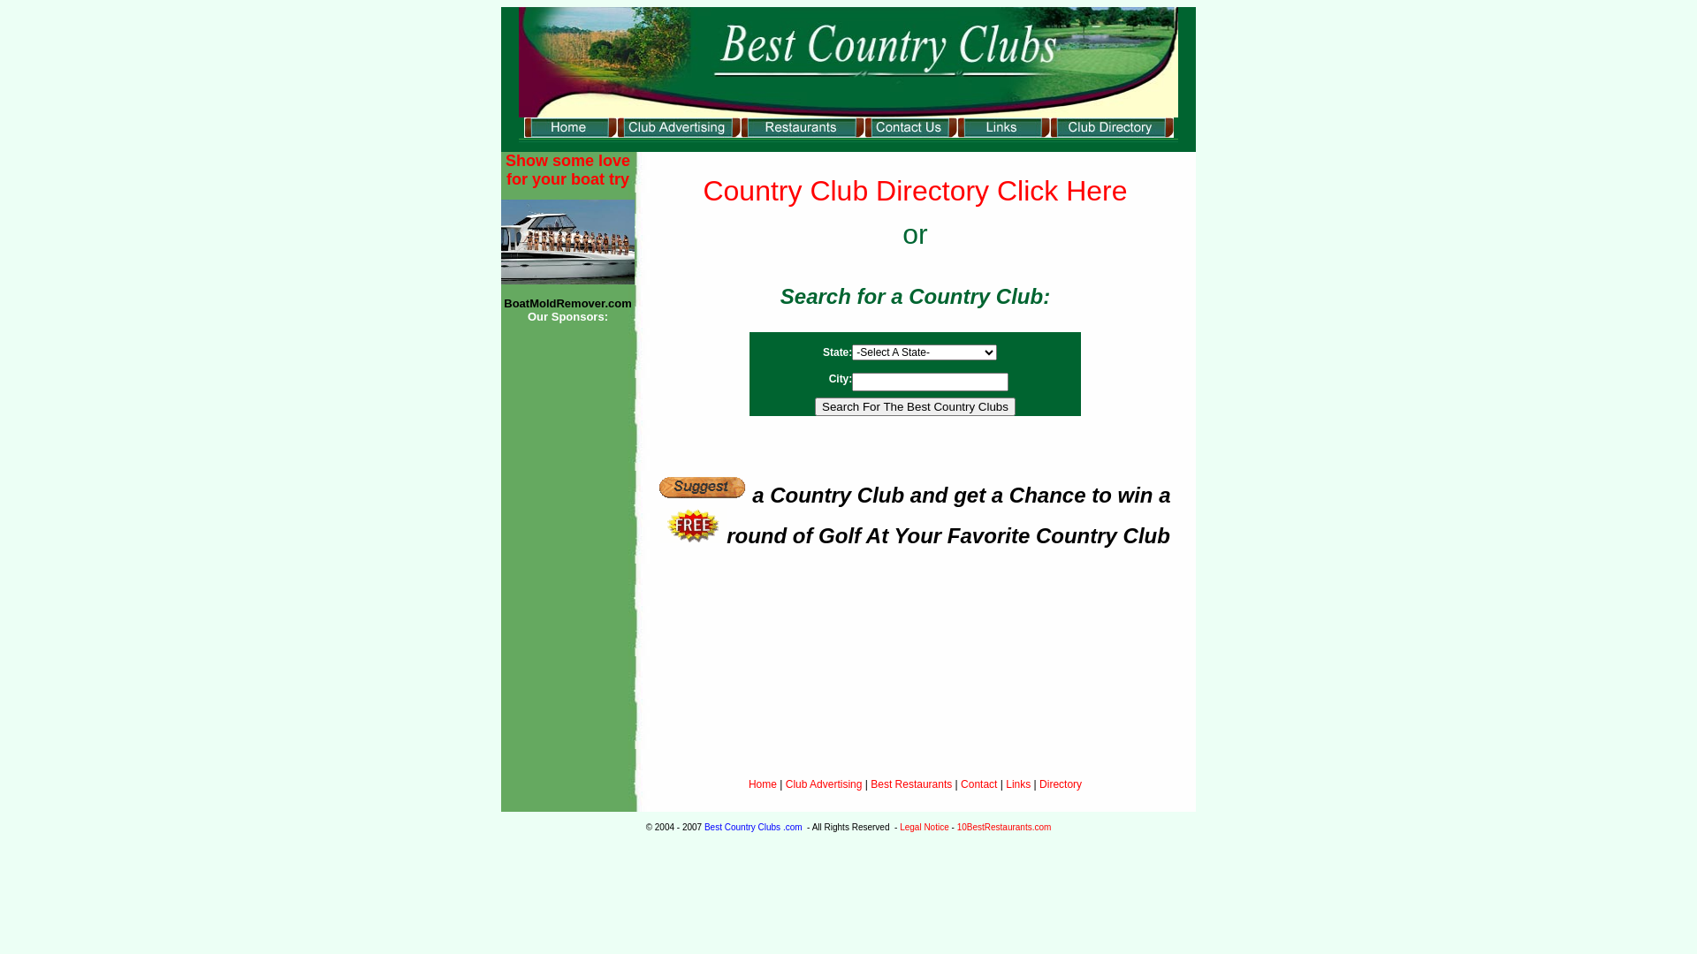  What do you see at coordinates (915, 406) in the screenshot?
I see `'Search For The Best Country Clubs'` at bounding box center [915, 406].